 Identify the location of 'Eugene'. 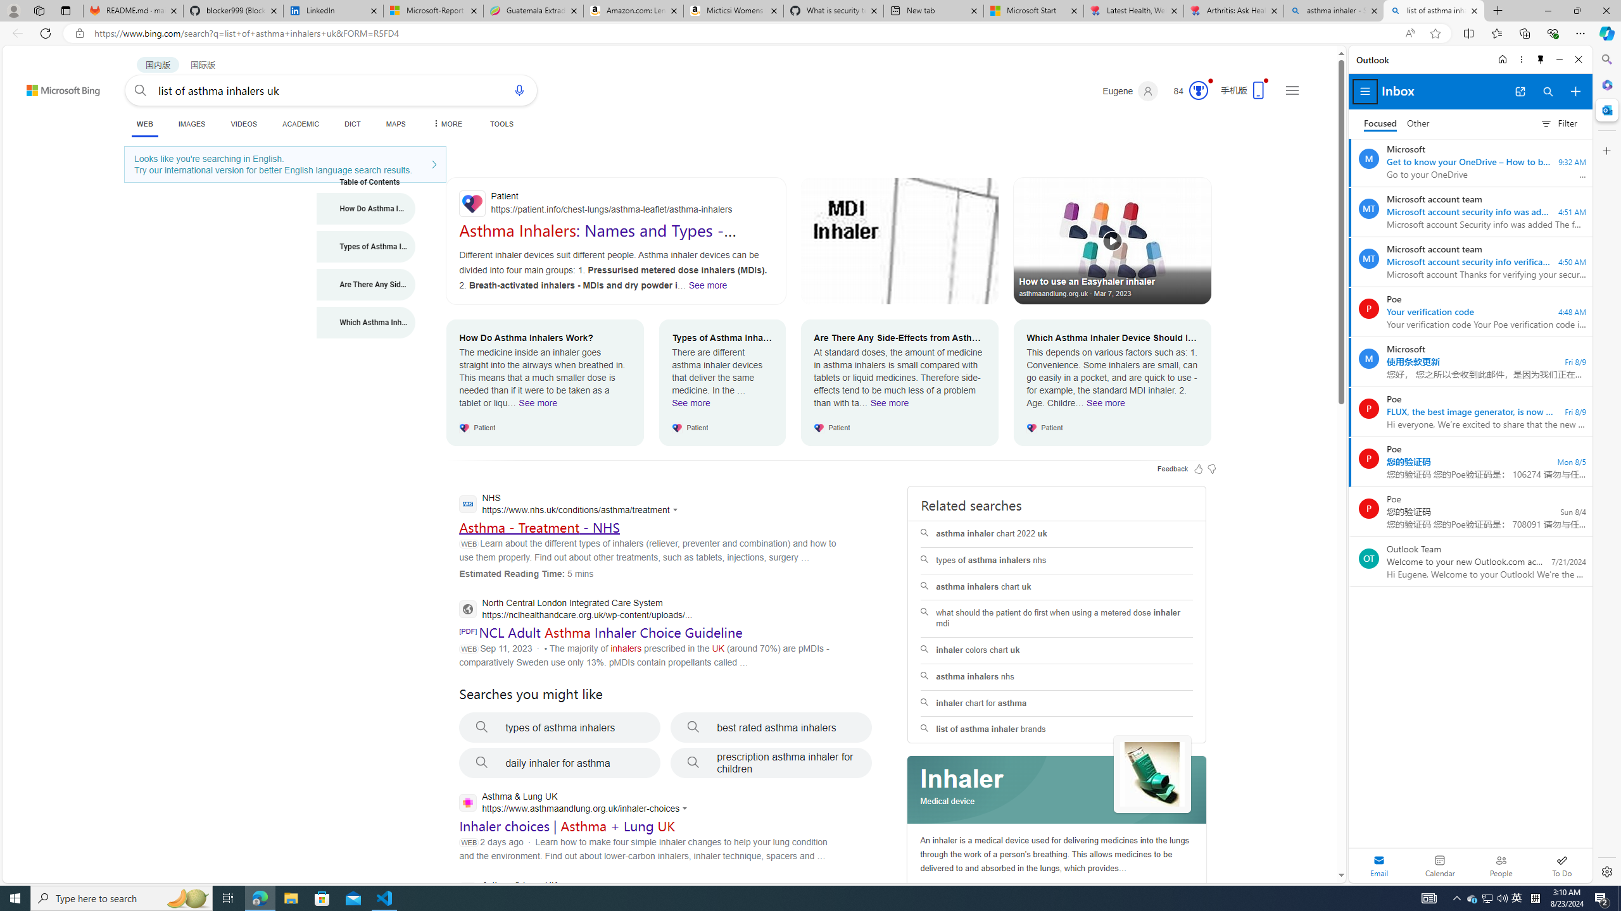
(1130, 90).